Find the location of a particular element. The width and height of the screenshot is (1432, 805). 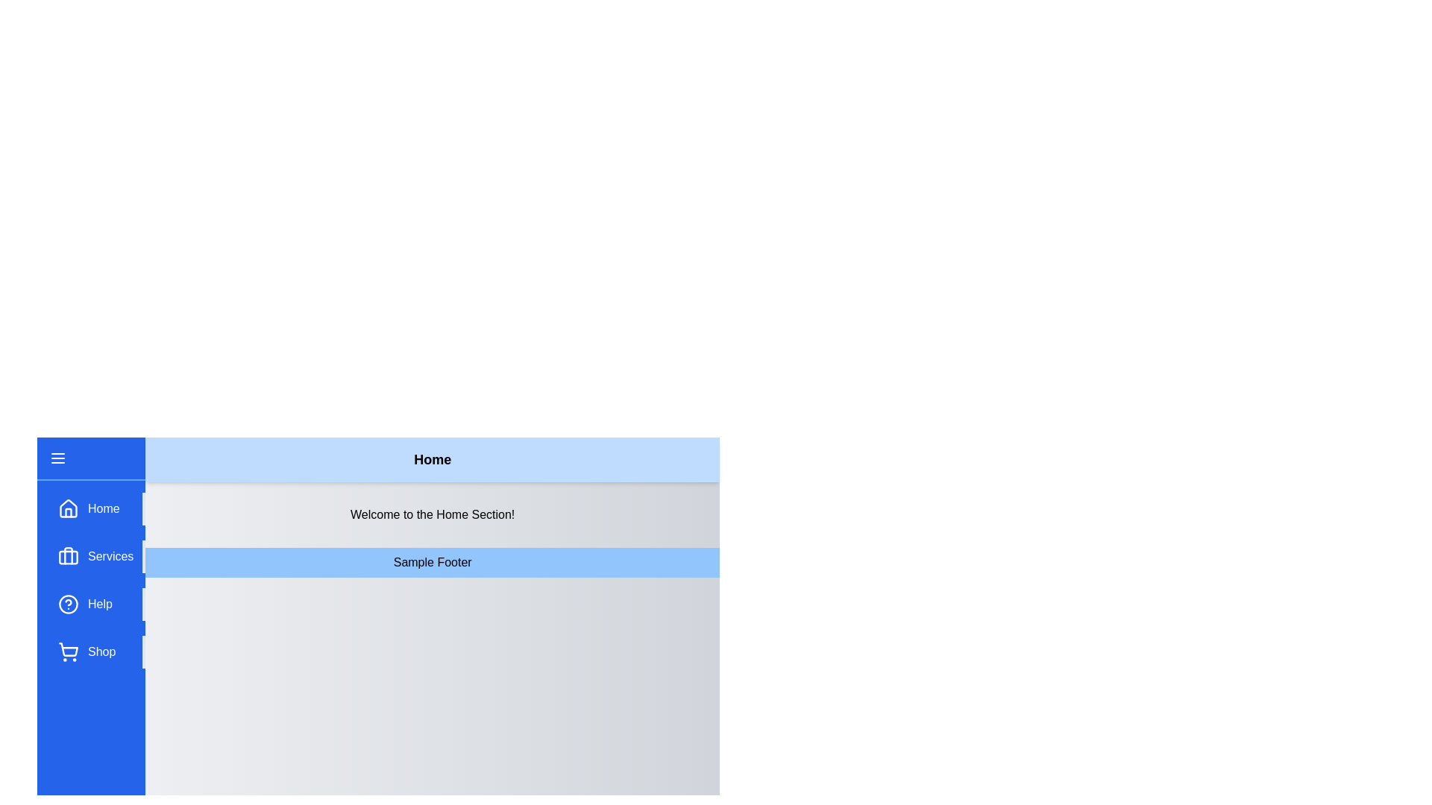

the static welcome message text block located below the 'Home' title bar and above the 'Sample Footer' section is located at coordinates (432, 514).